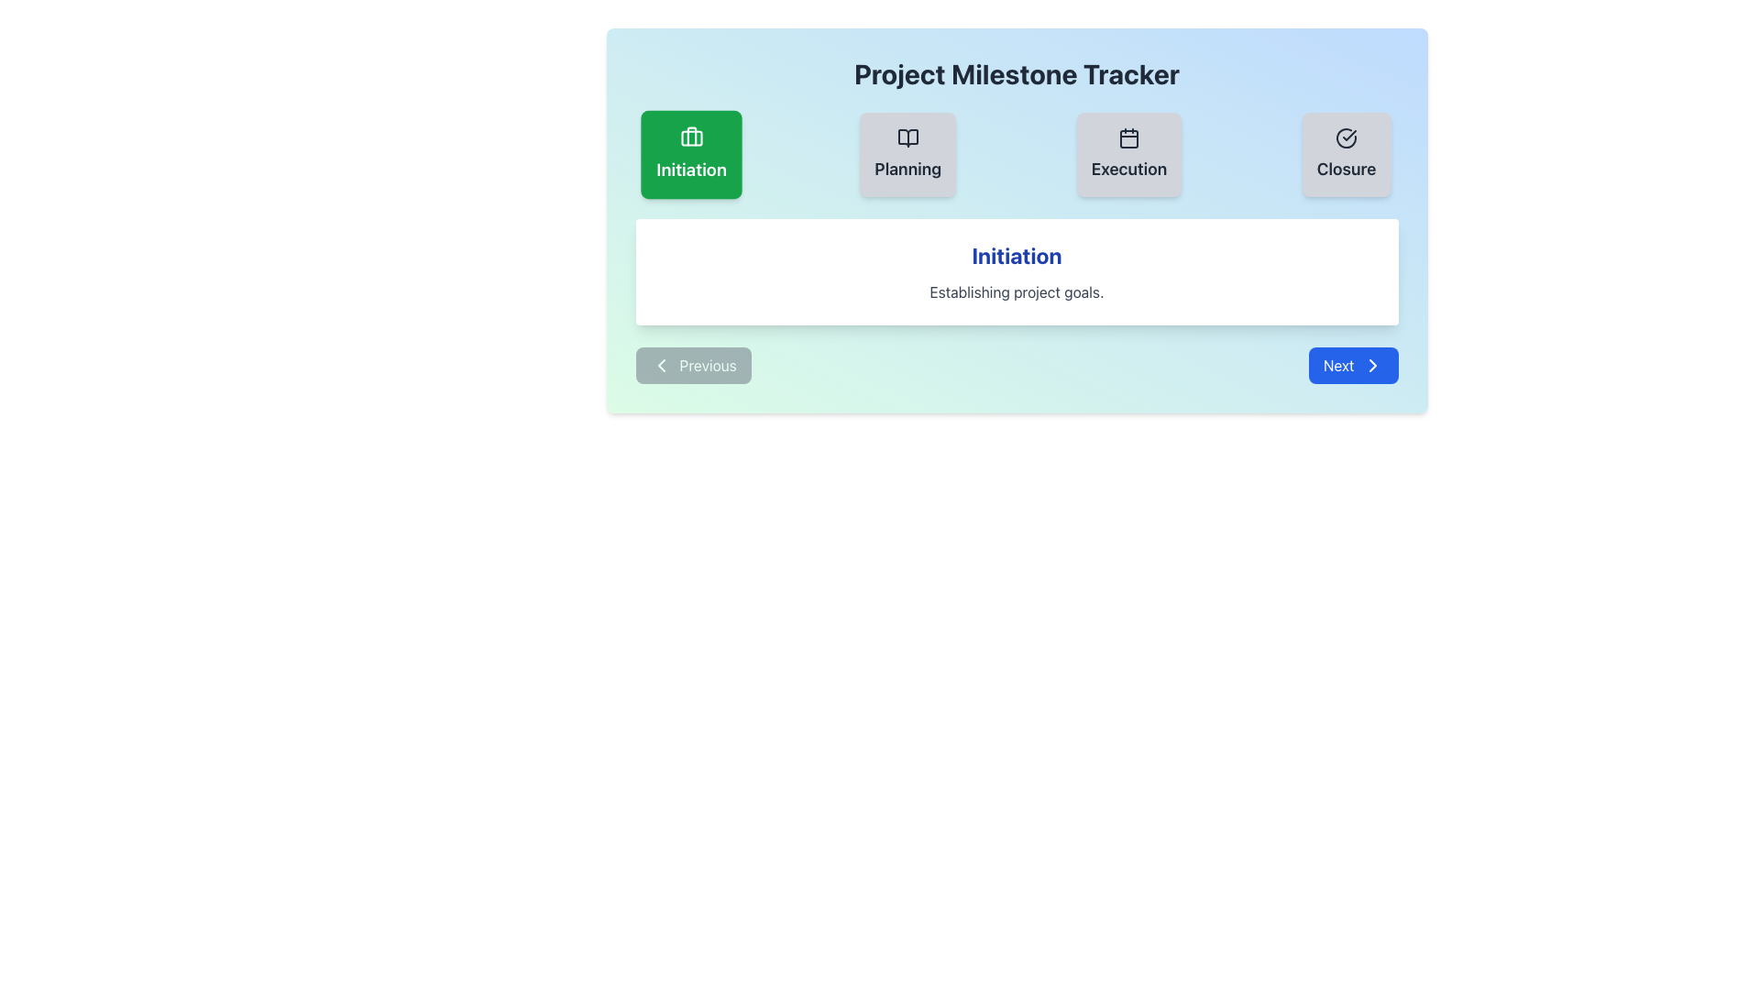 Image resolution: width=1760 pixels, height=990 pixels. I want to click on the 'Previous' button which is located to the right of the leftward-pointing chevron icon, so click(660, 365).